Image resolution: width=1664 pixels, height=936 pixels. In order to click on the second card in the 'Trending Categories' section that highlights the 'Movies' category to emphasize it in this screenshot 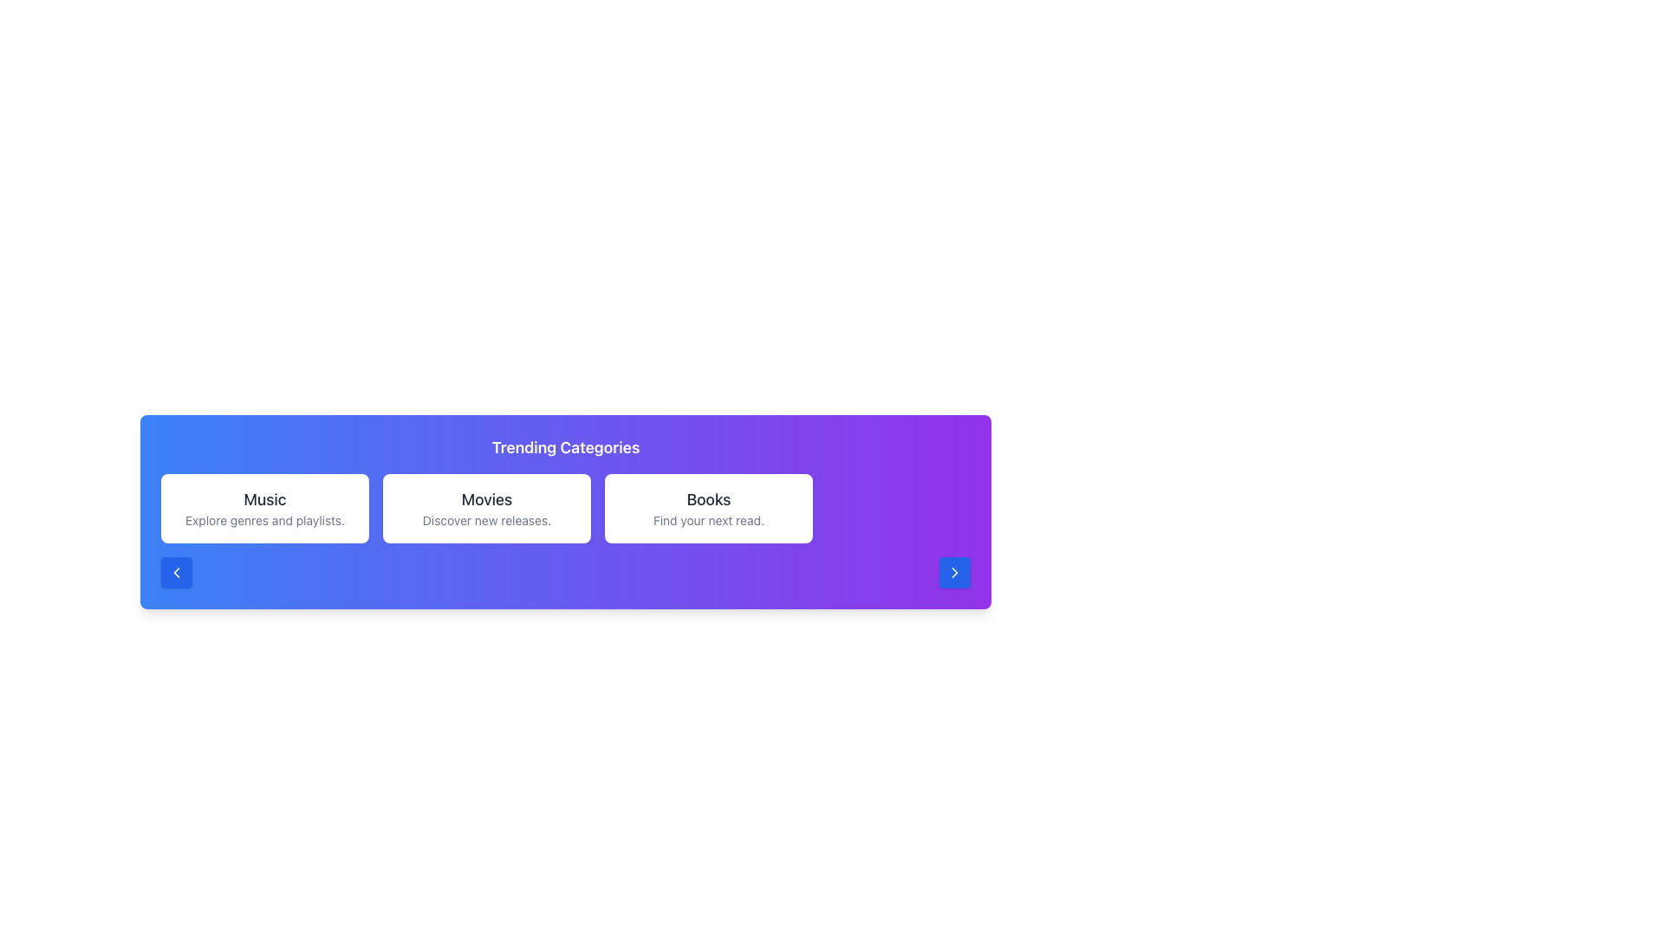, I will do `click(565, 507)`.